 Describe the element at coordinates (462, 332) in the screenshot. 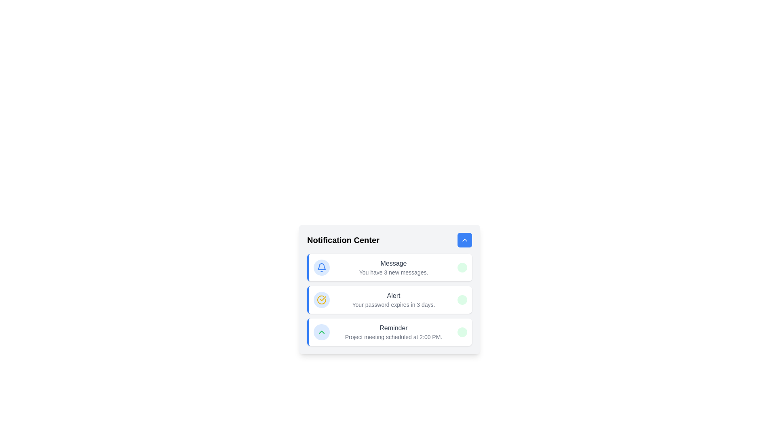

I see `the newness indicator badge located in the far-right corner of the 'Reminder' notification entry` at that location.